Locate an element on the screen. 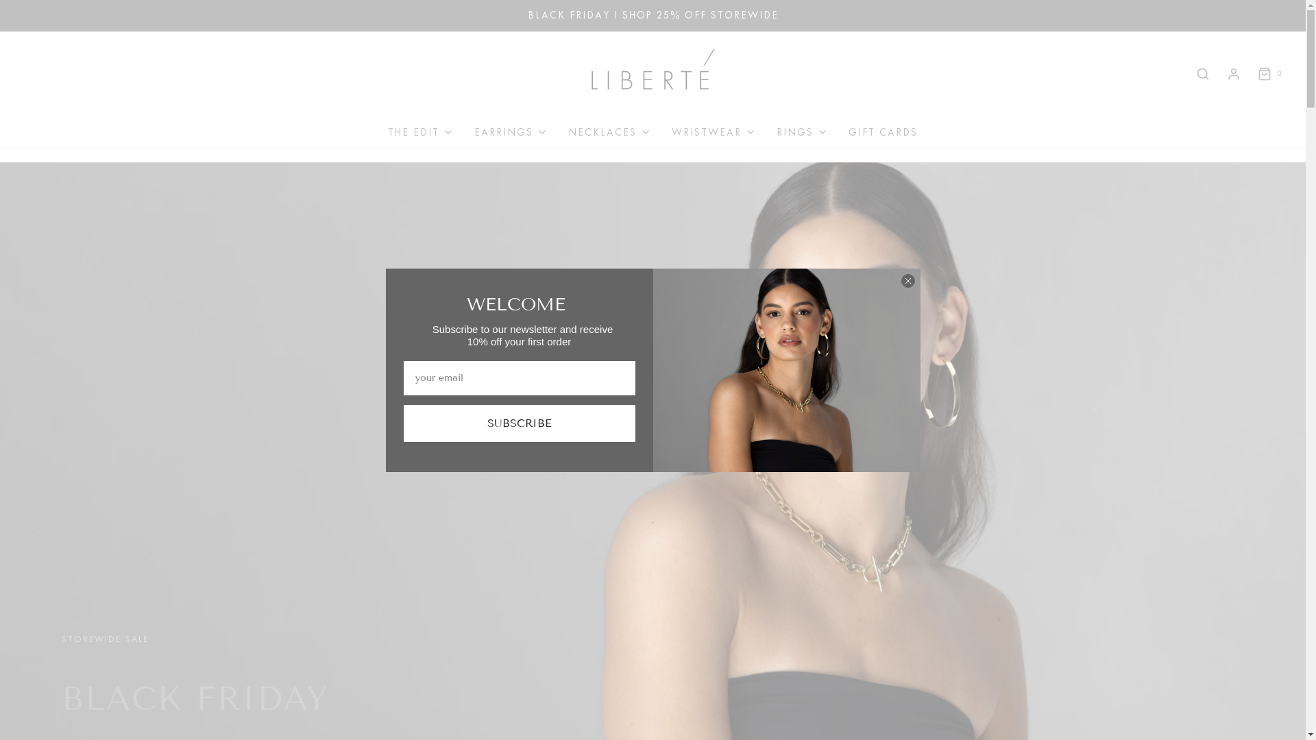 This screenshot has height=740, width=1316. 'GIFT CARDS' is located at coordinates (883, 132).